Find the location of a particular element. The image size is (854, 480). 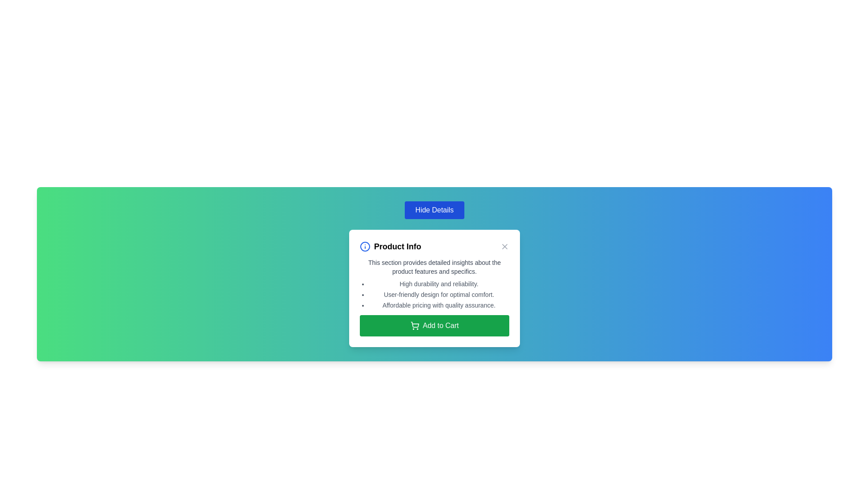

the button at the bottom of the 'Product Info' card is located at coordinates (435, 325).